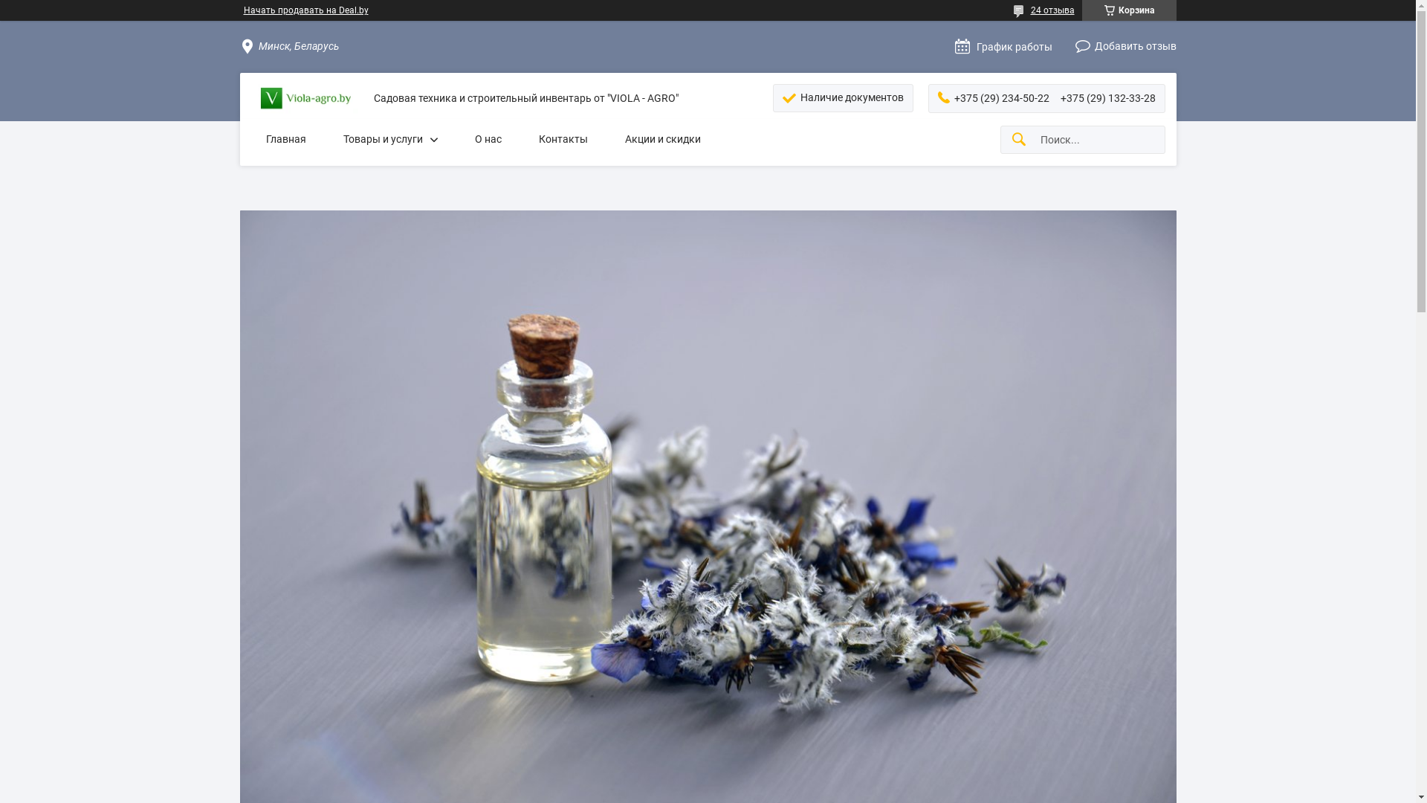 The height and width of the screenshot is (803, 1427). Describe the element at coordinates (305, 98) in the screenshot. I see `'Viola-Agro'` at that location.